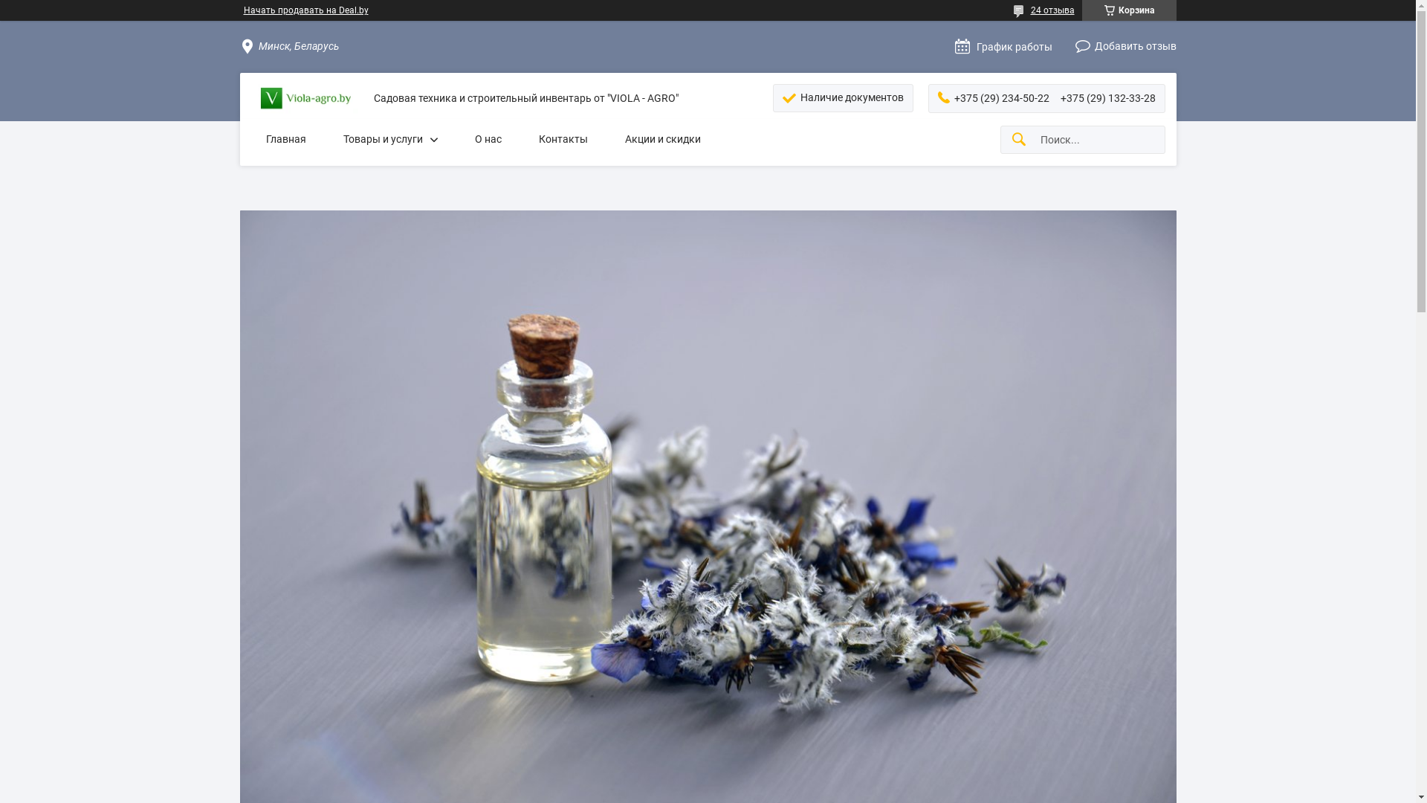 The height and width of the screenshot is (803, 1427). Describe the element at coordinates (305, 98) in the screenshot. I see `'Viola-Agro'` at that location.